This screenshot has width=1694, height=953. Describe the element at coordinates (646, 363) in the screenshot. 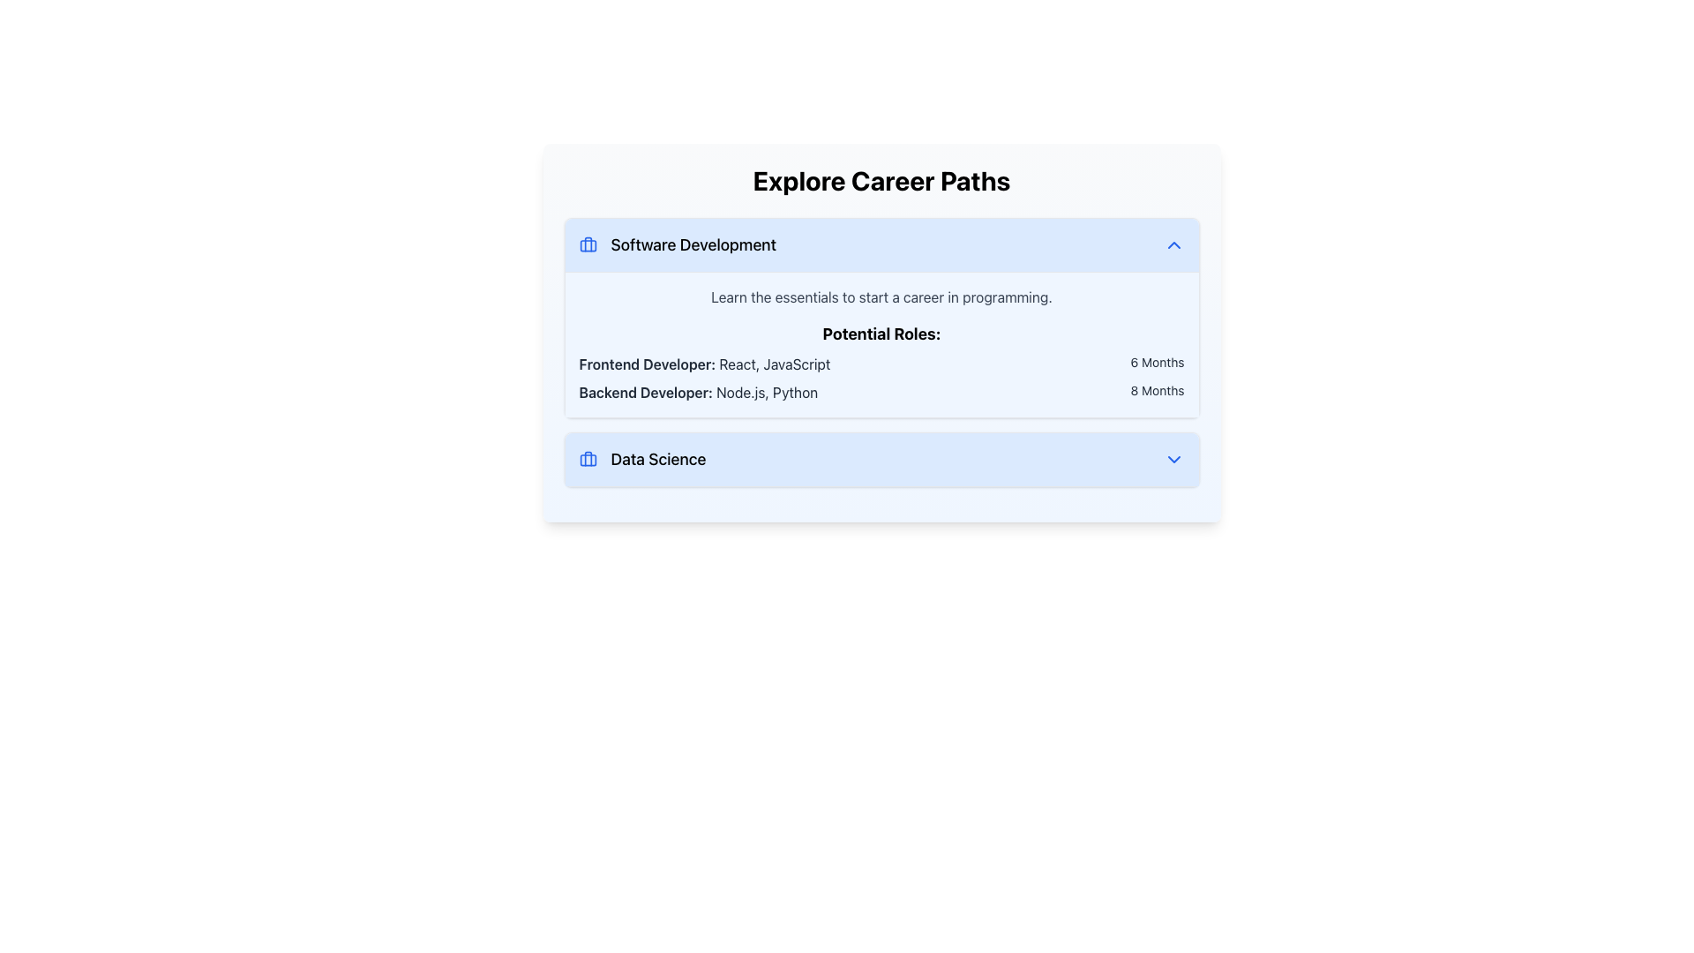

I see `the text element introducing the role name 'Frontend Developer' located in the 'Potential Roles:' section under 'Software Development'. This element is the first specific role listed, positioned vertically near 'Backend Developer:'` at that location.